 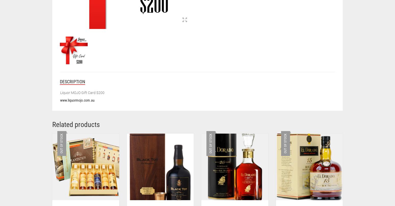 What do you see at coordinates (264, 21) in the screenshot?
I see `'Plantation Rum Selection Cigar Gift Pack (6 x 100ml bottles) showcases the best from the Plantation rum range, containing the following expressions: Plantation 3 Stars, Original Dark, Barbados Grande Reserve, Guatemala Gran Anejo, Plantation XO 20th Anniversary and the rare Peru Vintage 2004.'` at bounding box center [264, 21].